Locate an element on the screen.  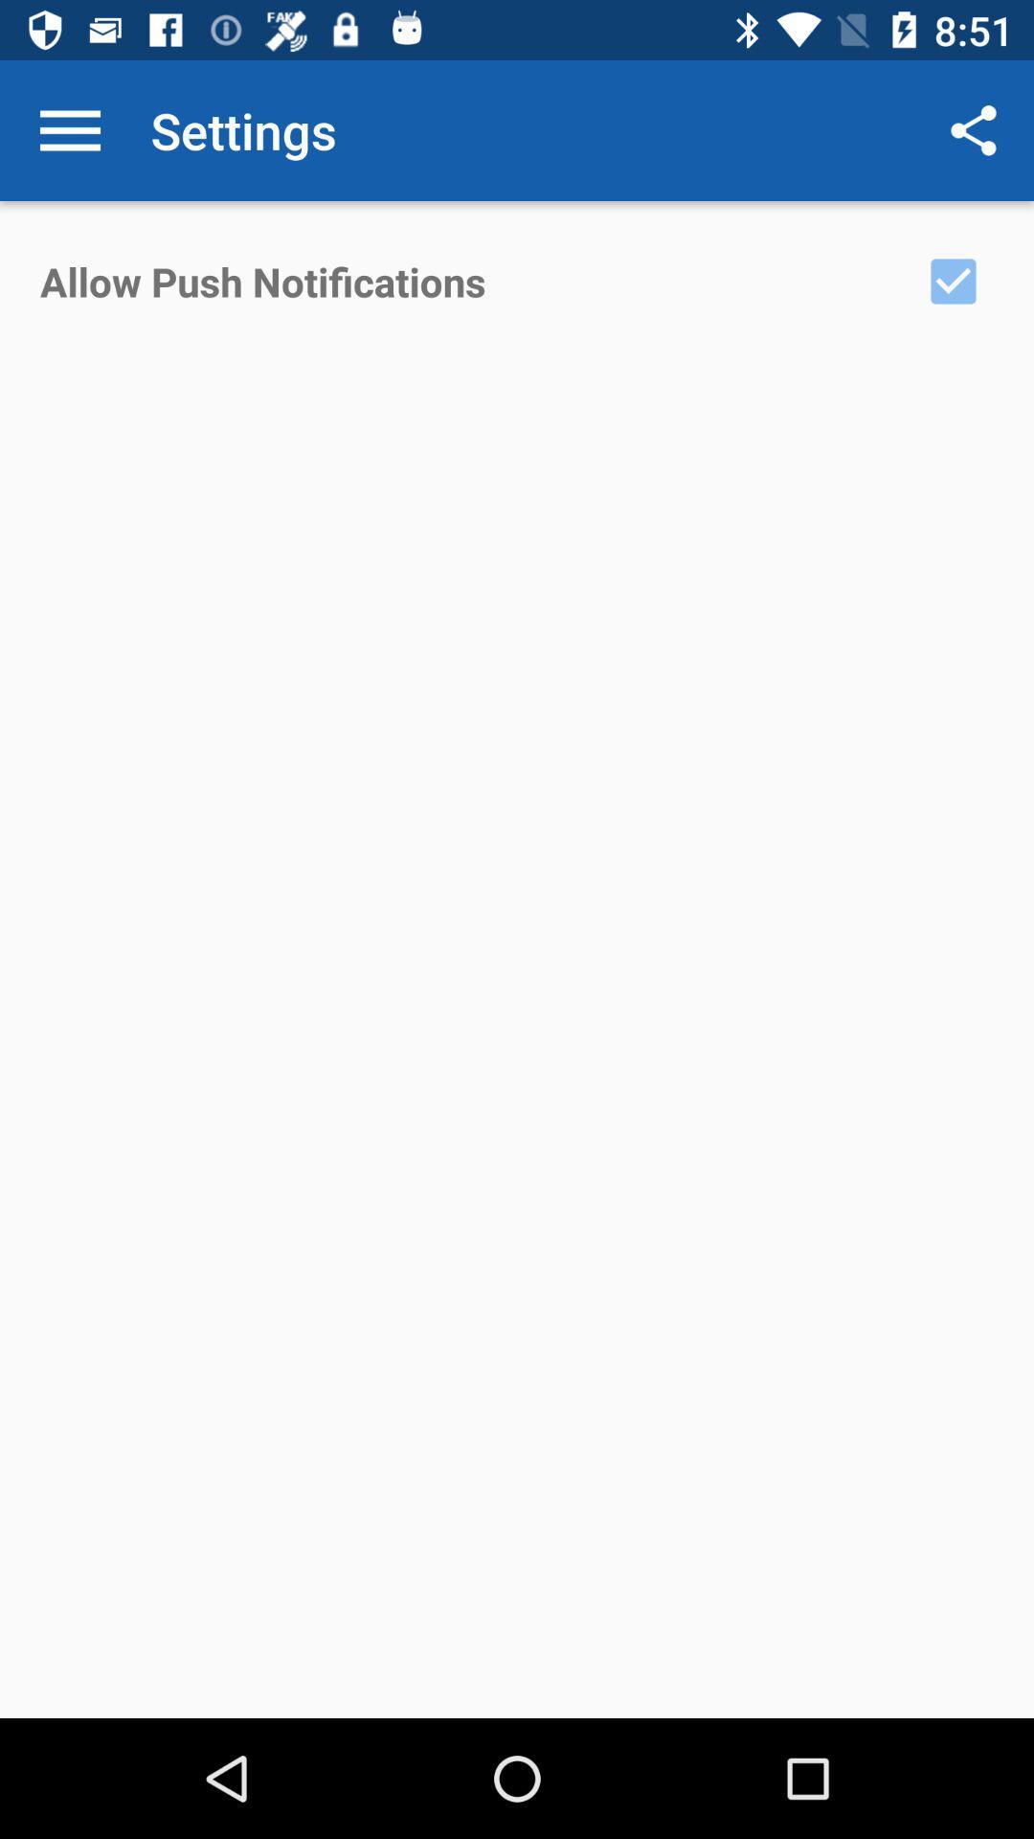
item next to the allow push notifications item is located at coordinates (953, 280).